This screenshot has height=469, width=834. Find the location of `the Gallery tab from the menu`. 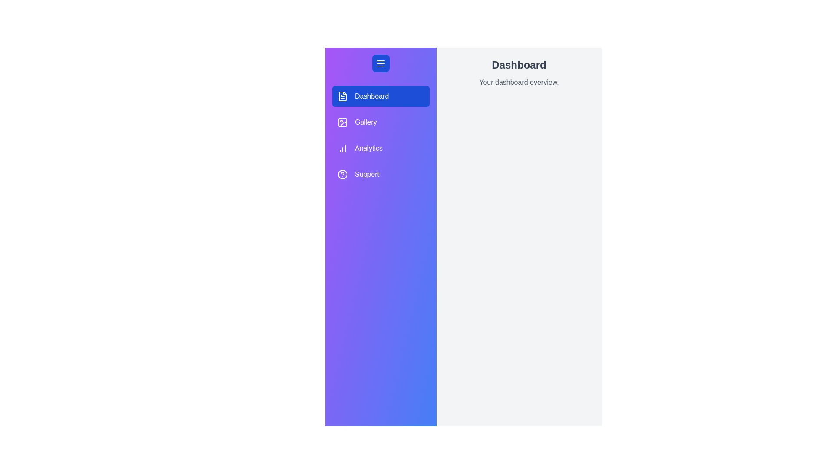

the Gallery tab from the menu is located at coordinates (381, 122).